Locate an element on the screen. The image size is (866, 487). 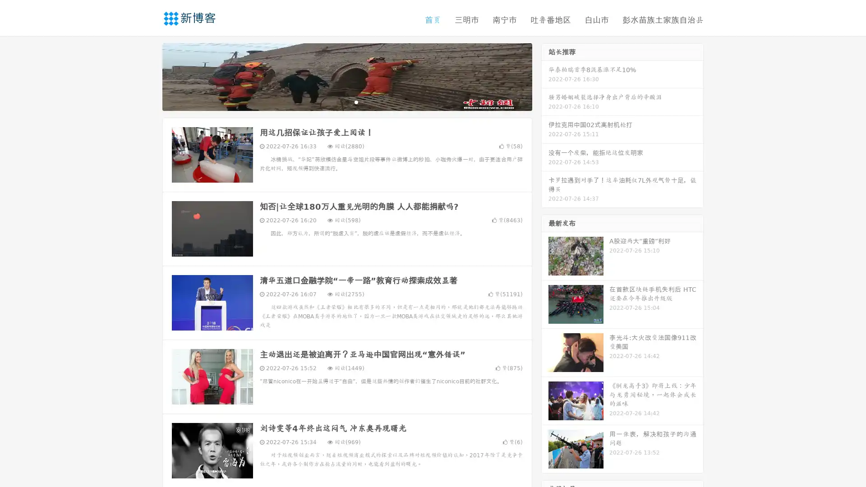
Previous slide is located at coordinates (149, 76).